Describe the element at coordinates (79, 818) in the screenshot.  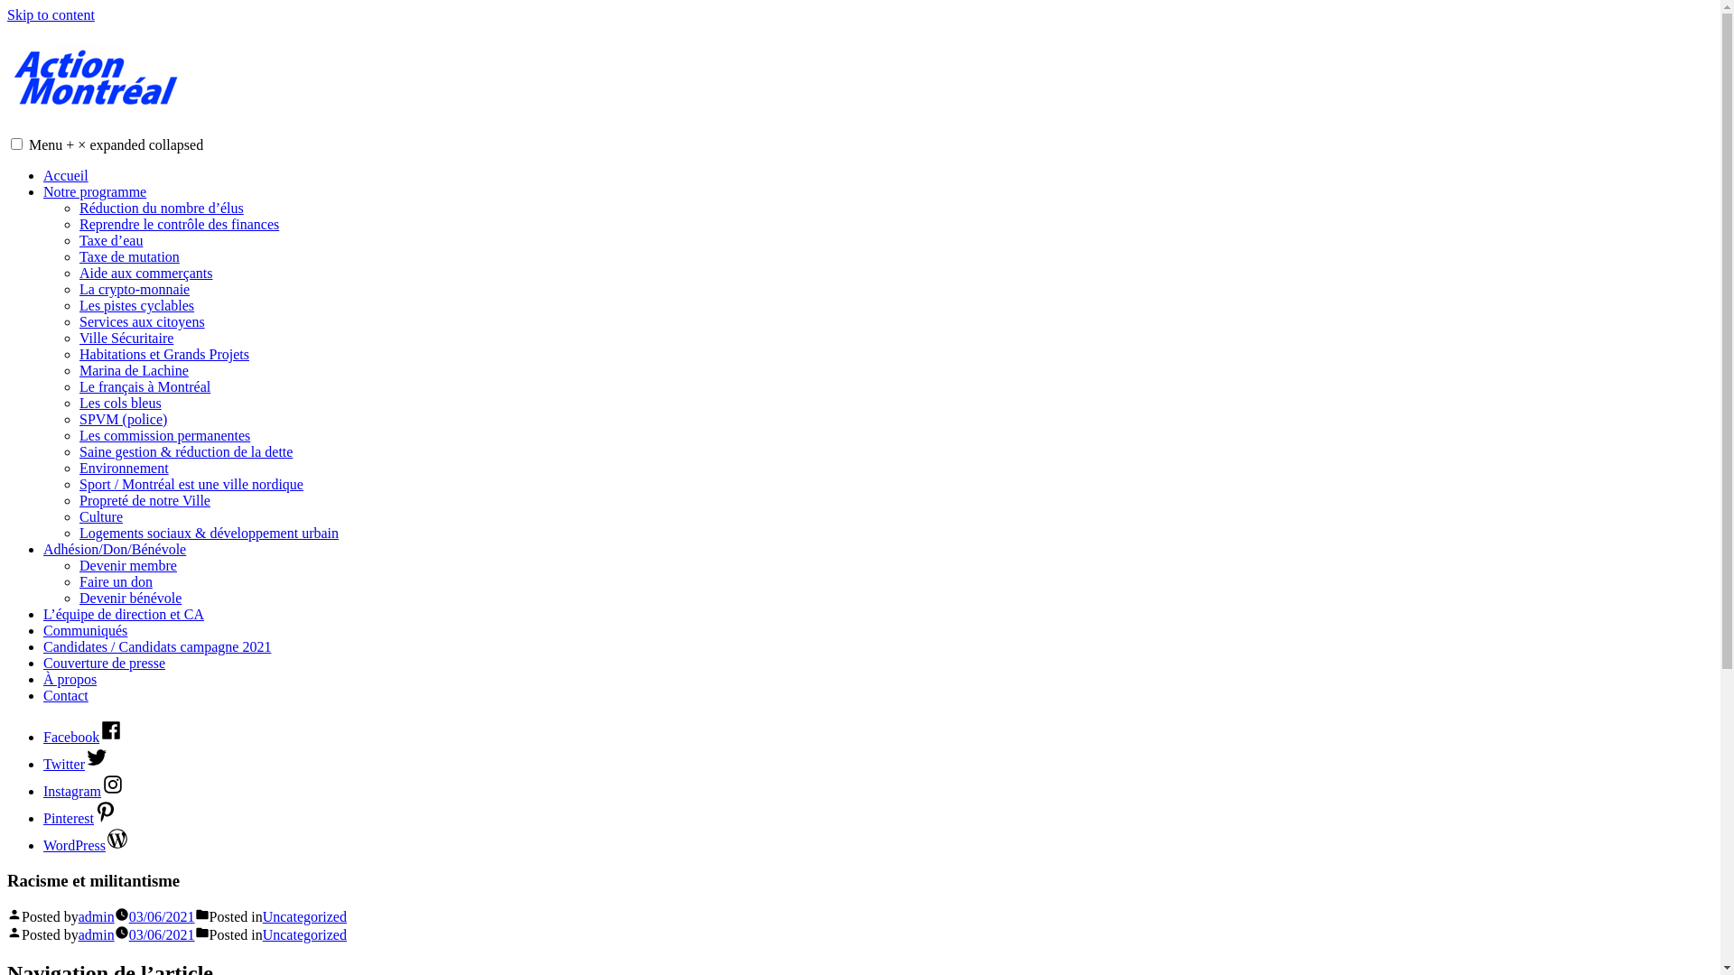
I see `'Pinterest'` at that location.